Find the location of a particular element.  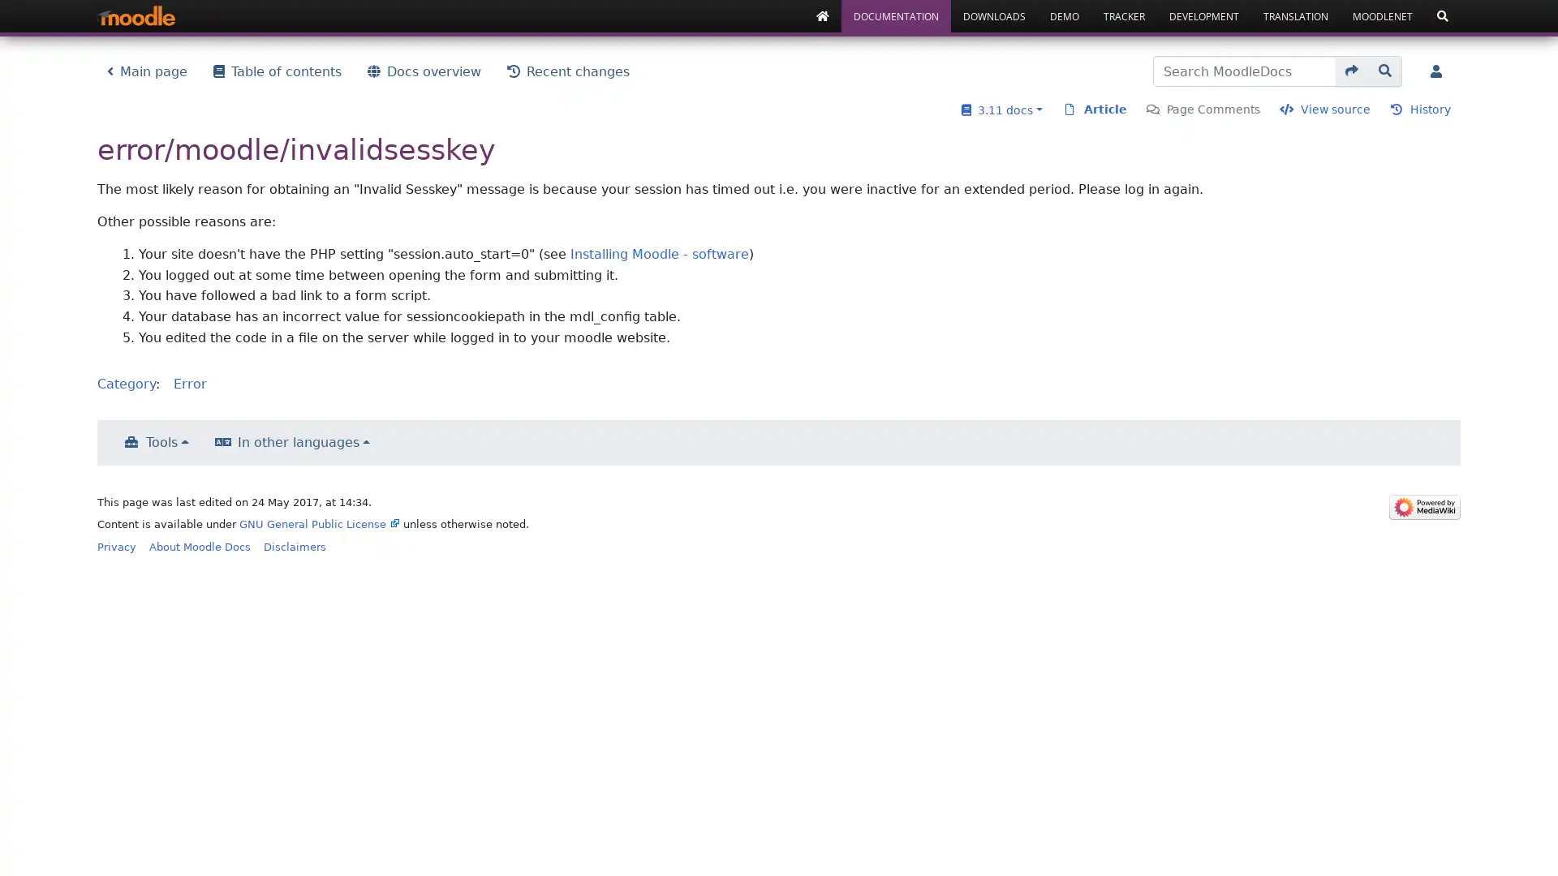

Go to page is located at coordinates (1352, 71).